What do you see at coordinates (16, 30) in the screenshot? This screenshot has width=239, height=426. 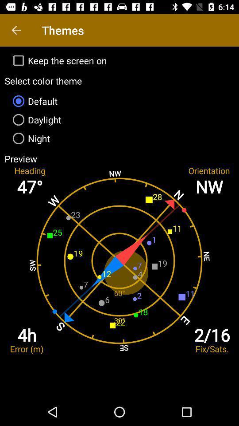 I see `icon next to the themes icon` at bounding box center [16, 30].